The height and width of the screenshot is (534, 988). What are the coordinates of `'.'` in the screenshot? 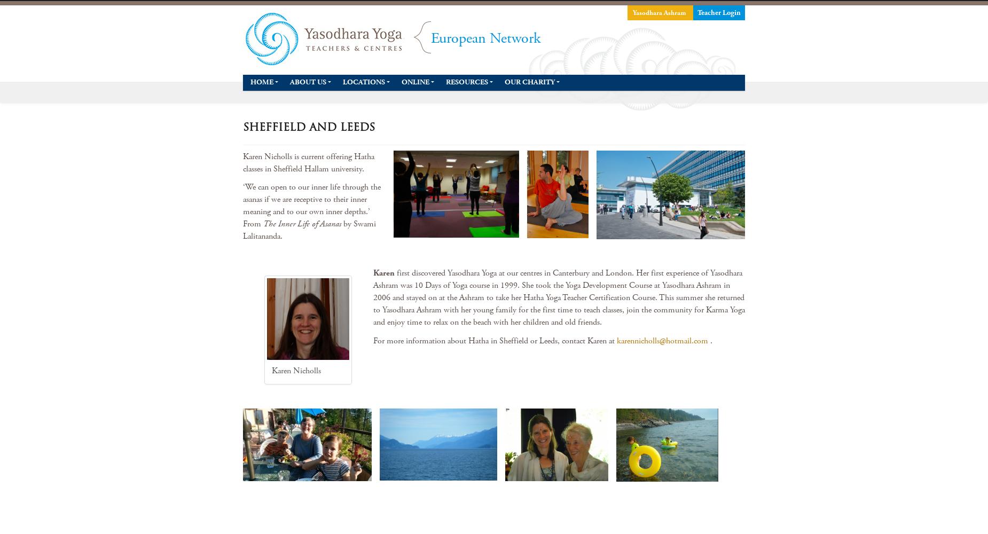 It's located at (709, 340).